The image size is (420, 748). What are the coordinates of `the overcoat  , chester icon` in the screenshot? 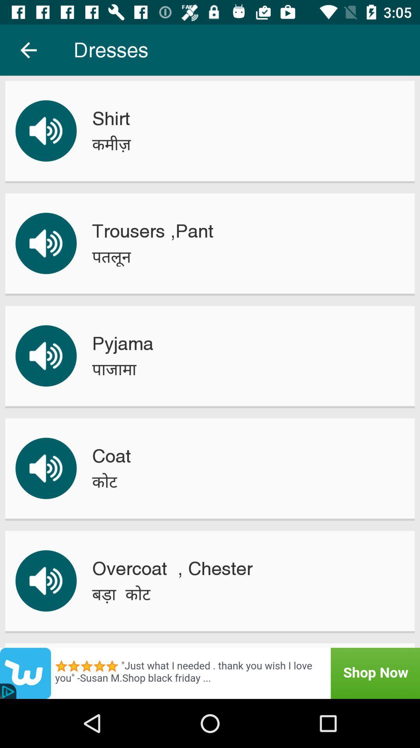 It's located at (172, 568).